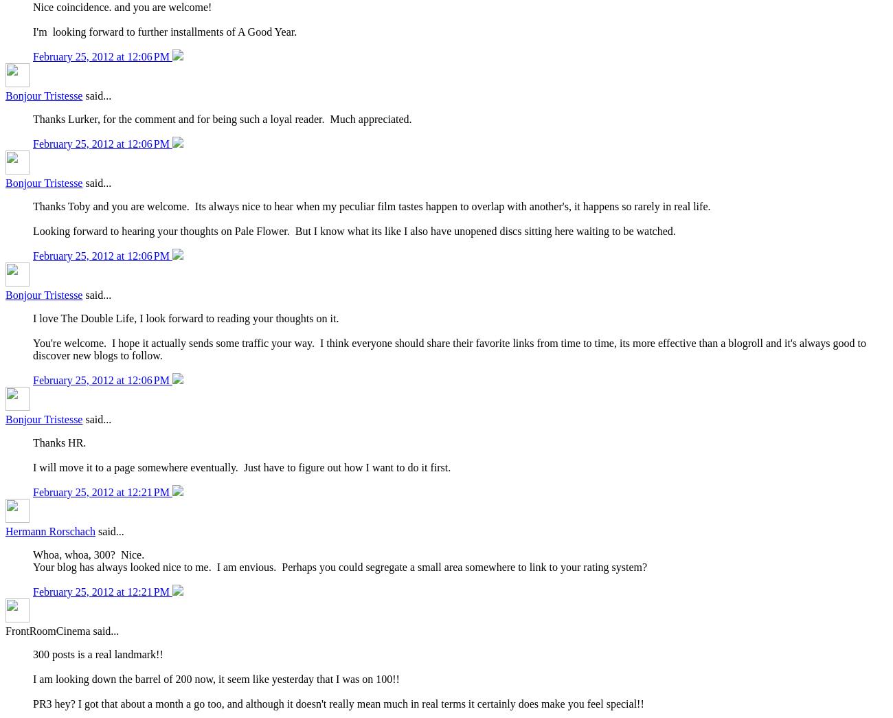 This screenshot has height=718, width=893. Describe the element at coordinates (50, 531) in the screenshot. I see `'Hermann Rorschach'` at that location.